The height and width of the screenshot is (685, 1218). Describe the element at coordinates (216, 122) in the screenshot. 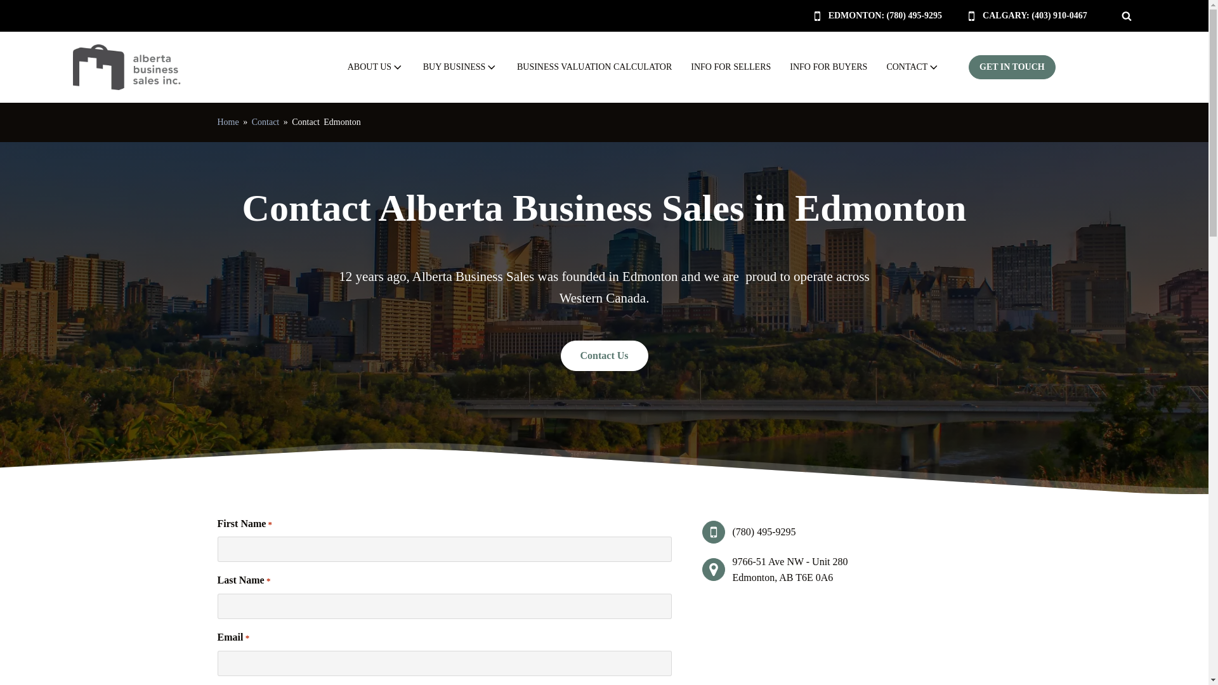

I see `'Home'` at that location.